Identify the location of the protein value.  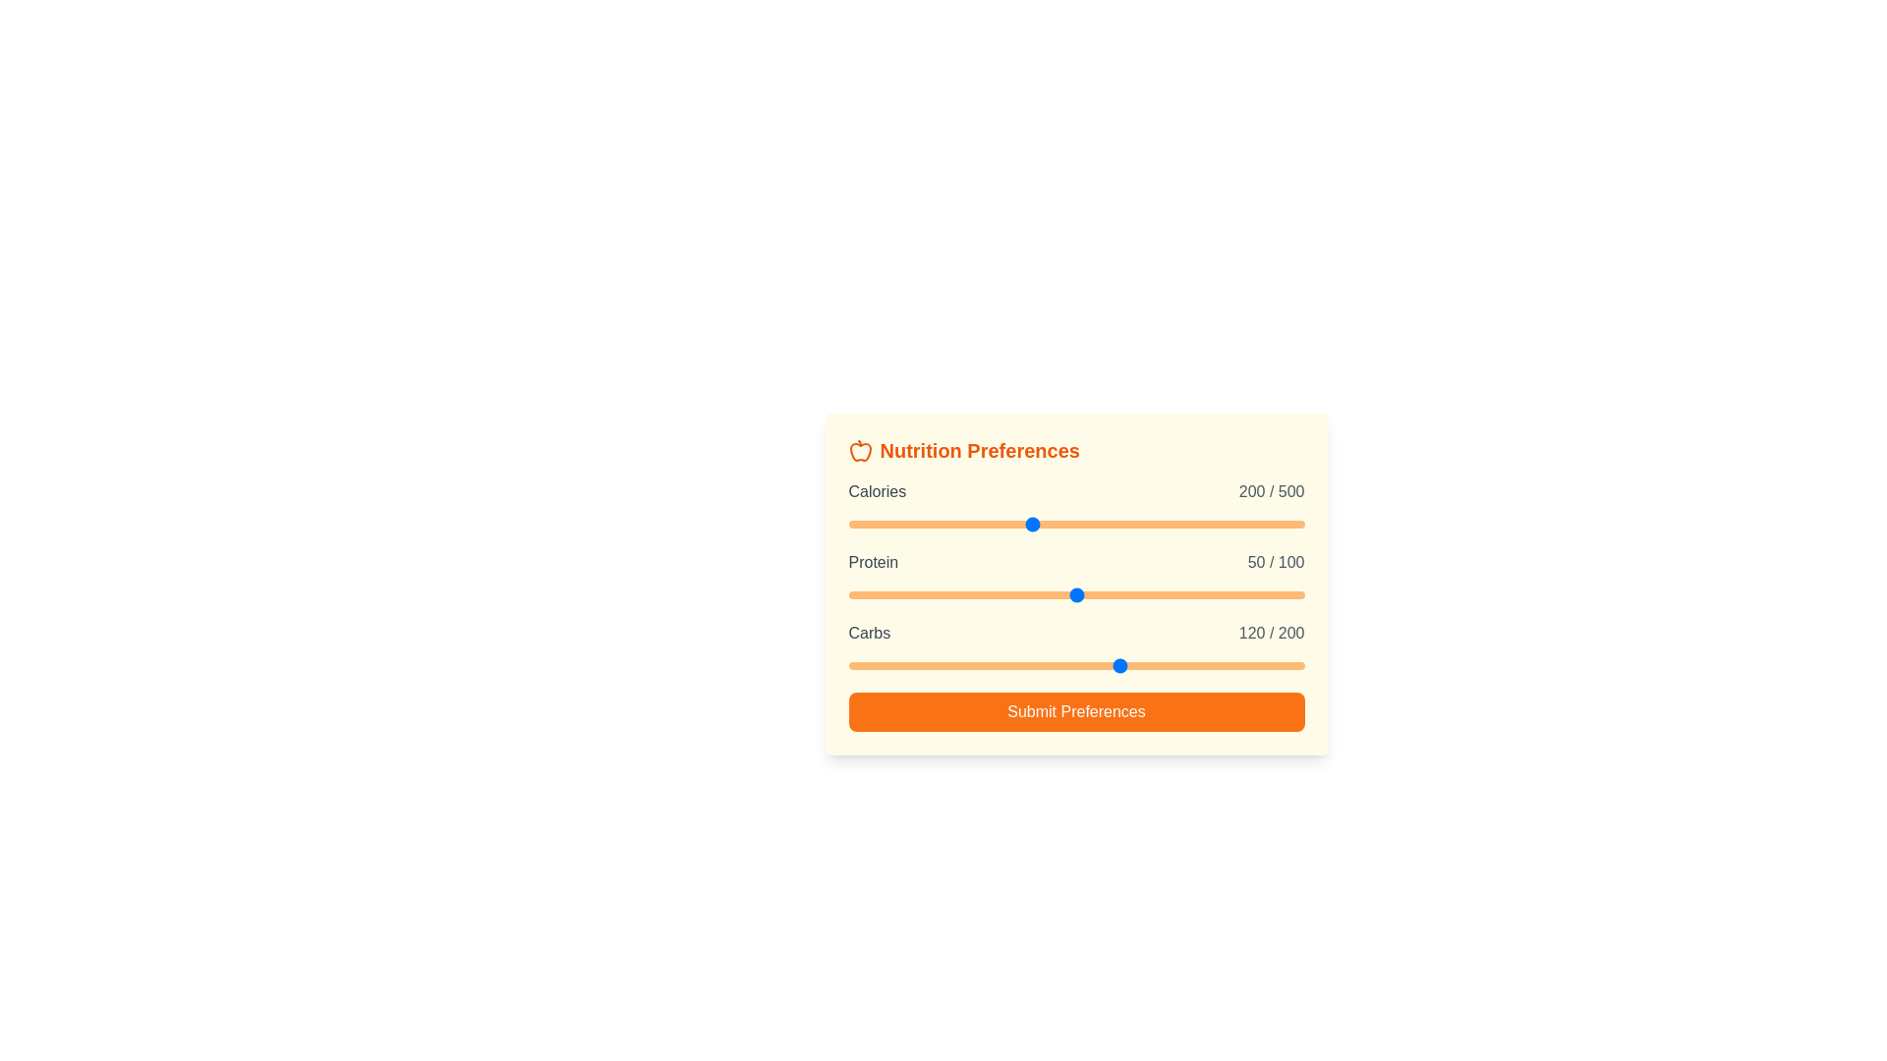
(1163, 593).